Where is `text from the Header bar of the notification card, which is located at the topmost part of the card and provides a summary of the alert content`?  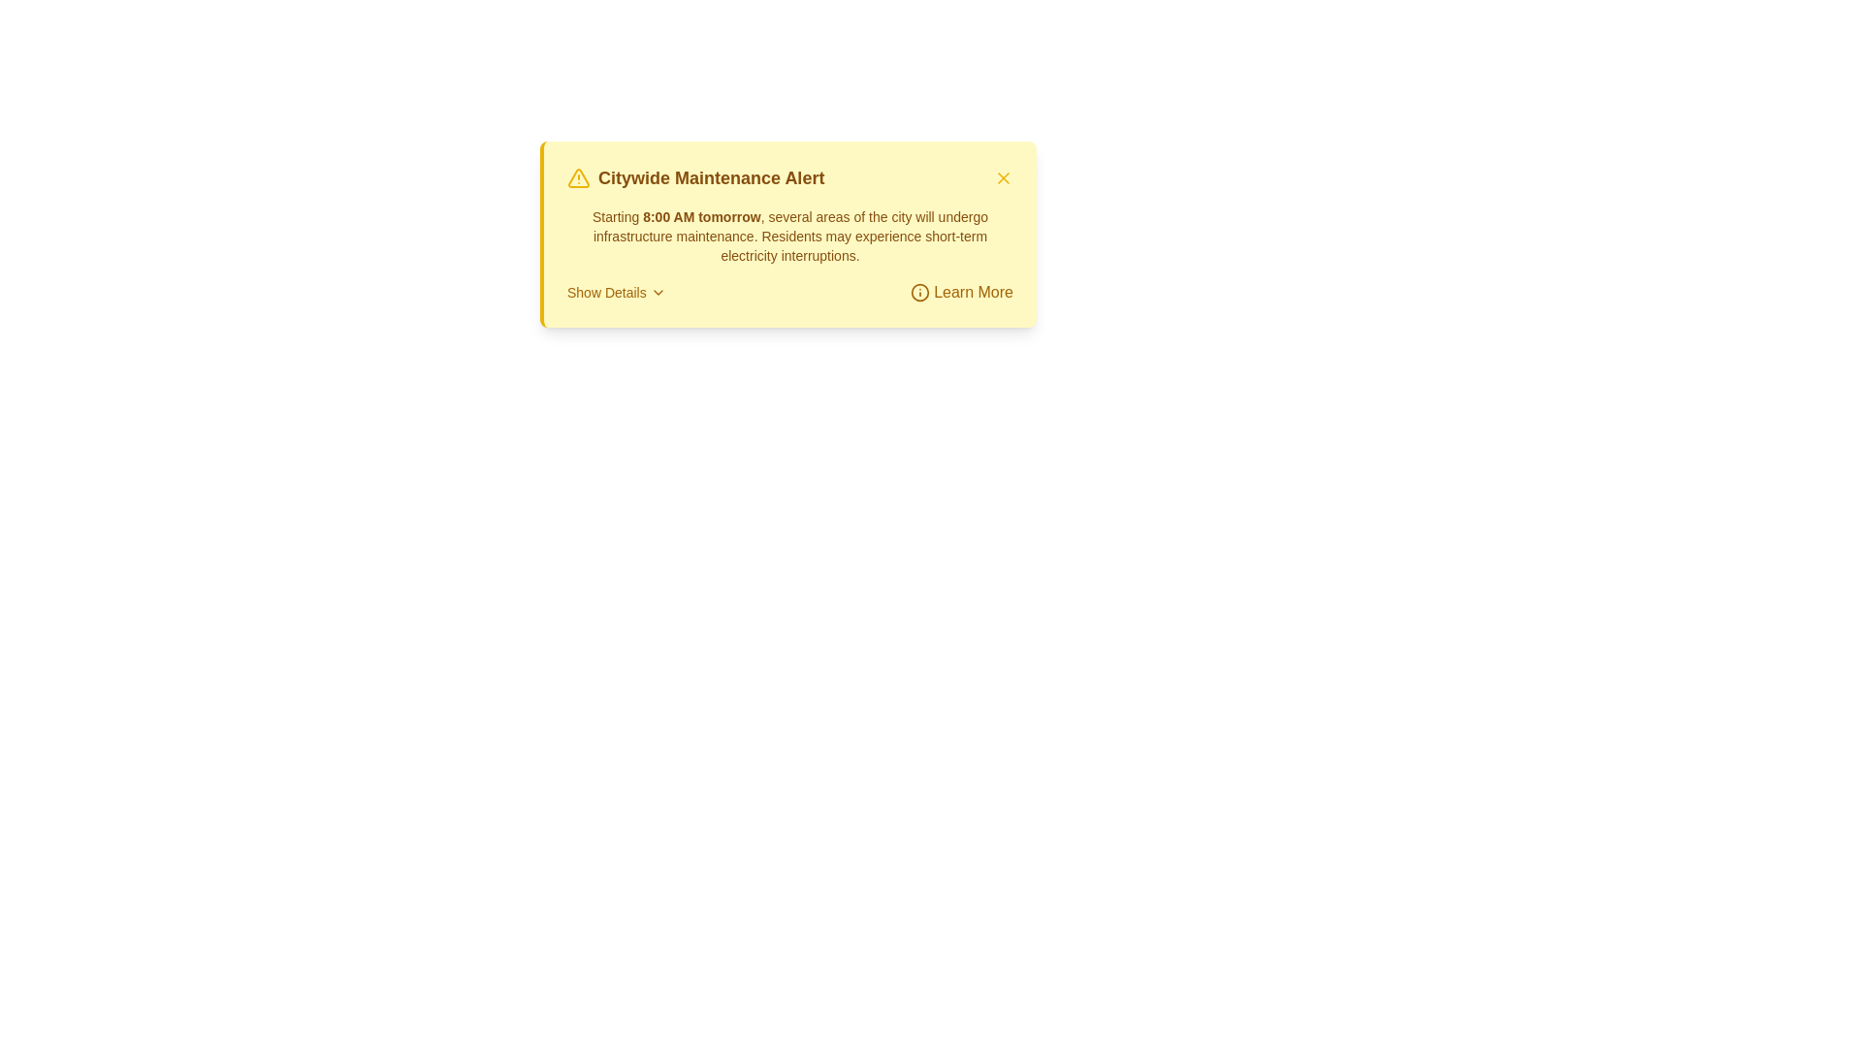
text from the Header bar of the notification card, which is located at the topmost part of the card and provides a summary of the alert content is located at coordinates (790, 178).